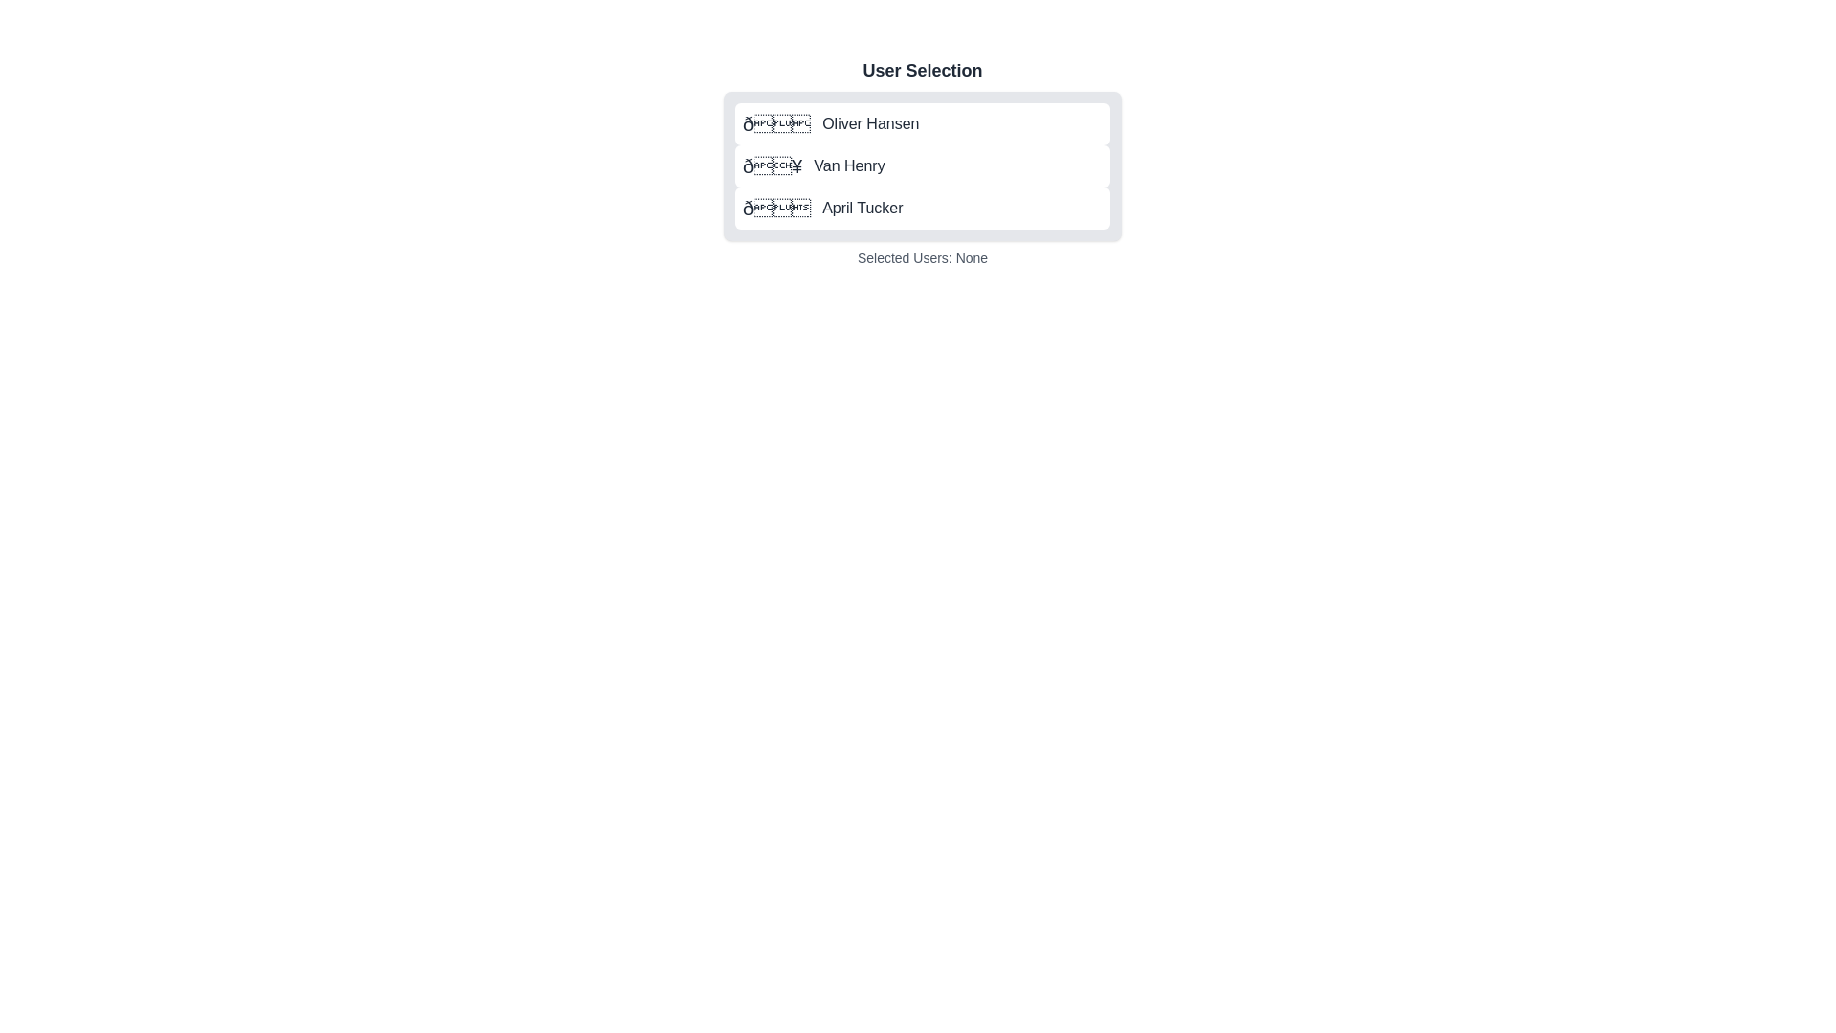 The height and width of the screenshot is (1033, 1836). Describe the element at coordinates (776, 124) in the screenshot. I see `the star emoji icon that precedes the name 'Oliver Hansen' in the user selection box` at that location.